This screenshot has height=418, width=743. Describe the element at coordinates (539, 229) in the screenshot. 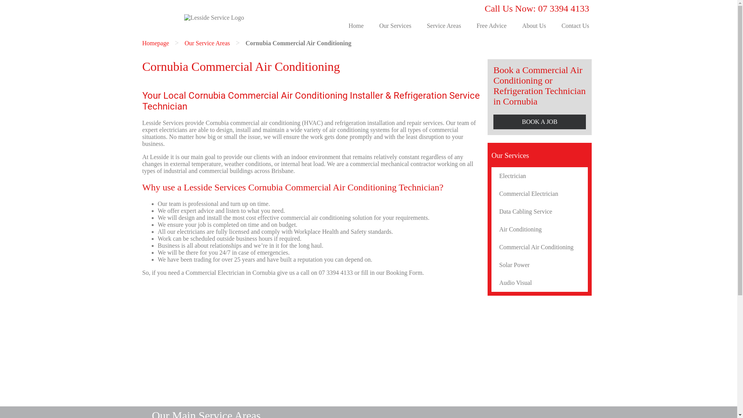

I see `'Air Conditioning'` at that location.